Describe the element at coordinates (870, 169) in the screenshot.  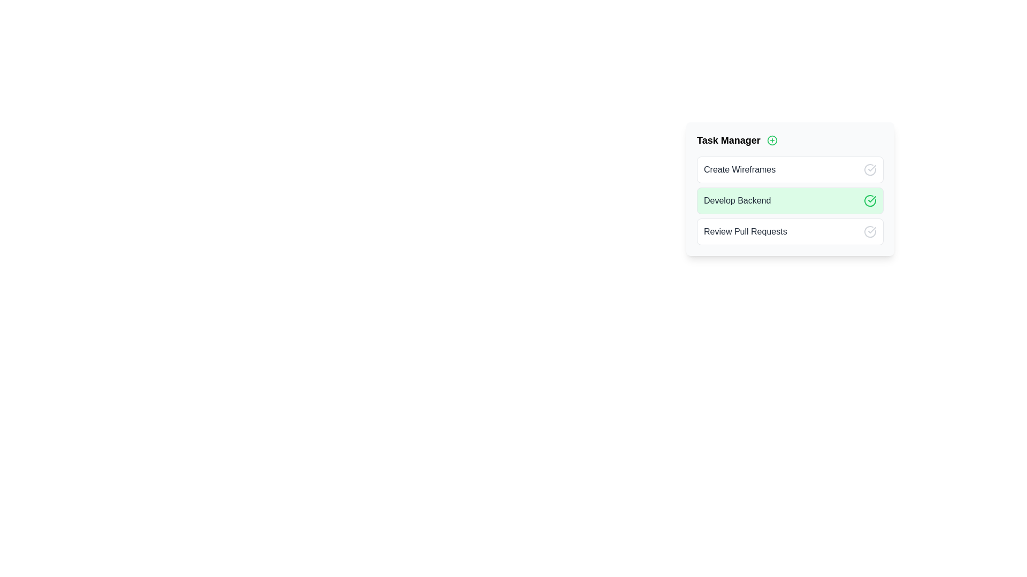
I see `the task completion icon located in the 'Create Wireframes' task row of the 'Task Manager' widget to mark the task as completed` at that location.